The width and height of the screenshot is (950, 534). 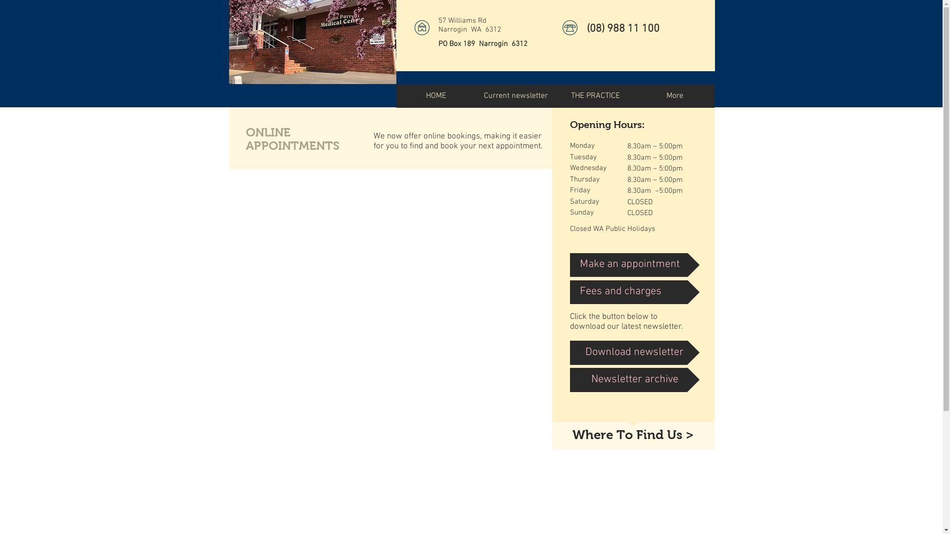 I want to click on 'HOME', so click(x=435, y=96).